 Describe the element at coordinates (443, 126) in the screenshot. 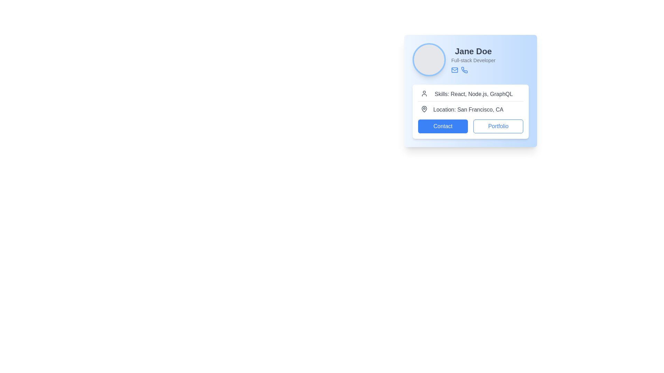

I see `the first button in the horizontal row on the user profile card` at that location.